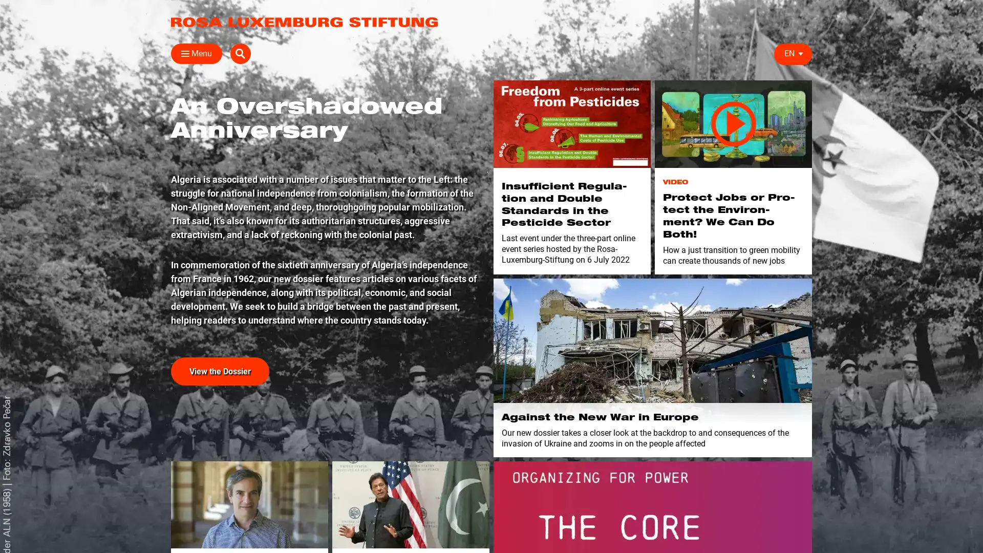  What do you see at coordinates (326, 137) in the screenshot?
I see `Show more / less` at bounding box center [326, 137].